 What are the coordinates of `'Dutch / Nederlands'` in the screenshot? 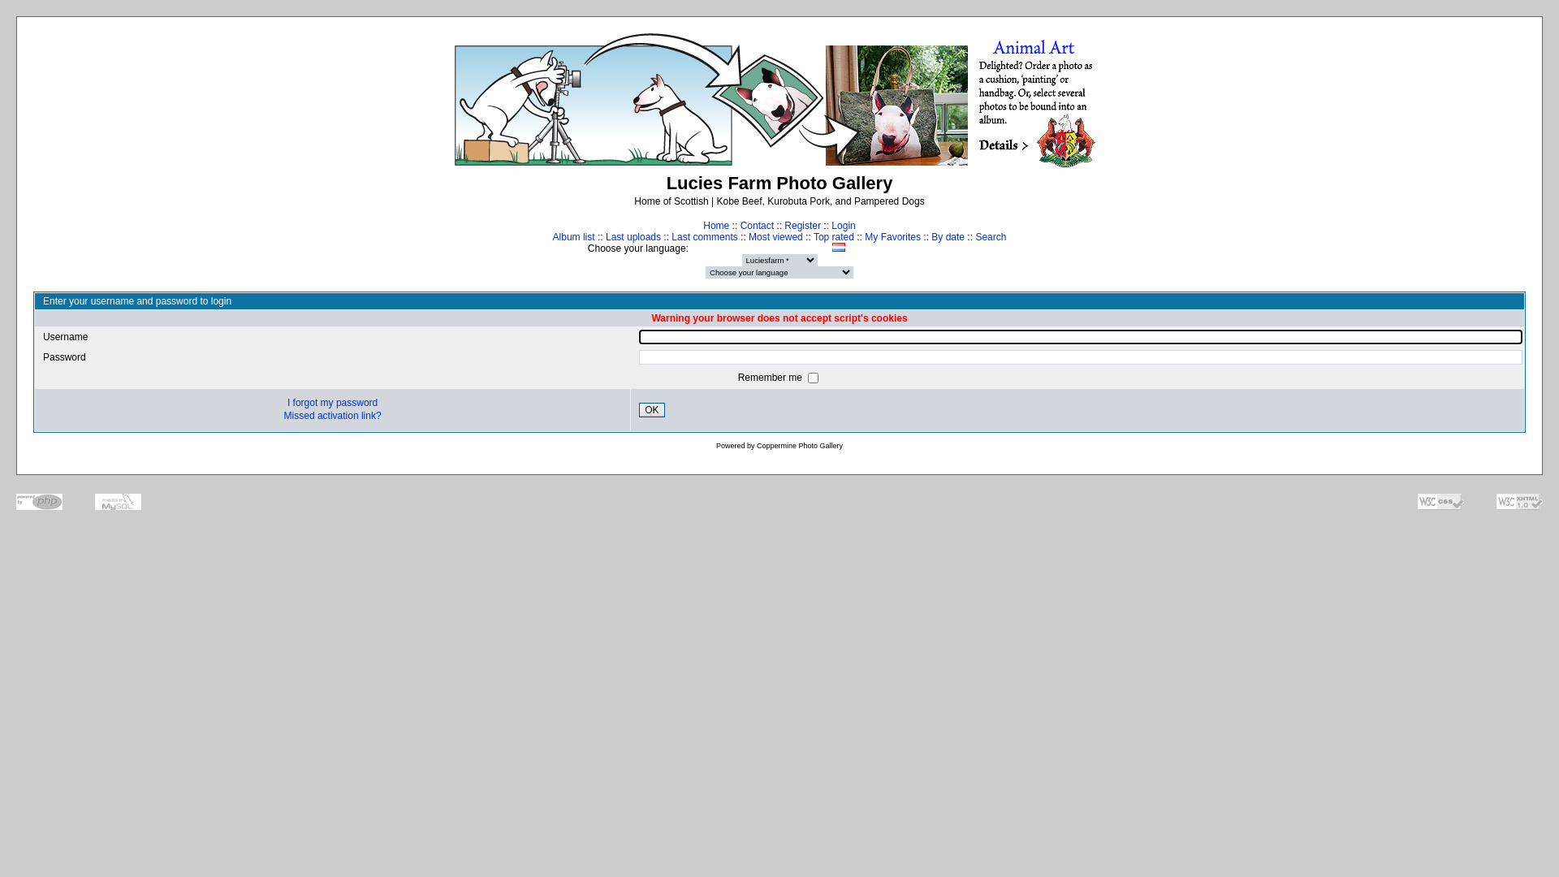 It's located at (743, 247).